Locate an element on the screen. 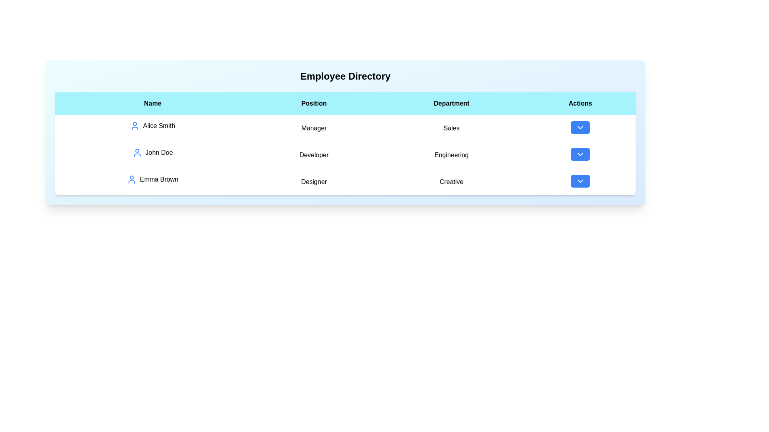  the first row of the Employee Directory that displays details such as name, position, and department, to trigger a tooltip or highlight effect is located at coordinates (345, 128).